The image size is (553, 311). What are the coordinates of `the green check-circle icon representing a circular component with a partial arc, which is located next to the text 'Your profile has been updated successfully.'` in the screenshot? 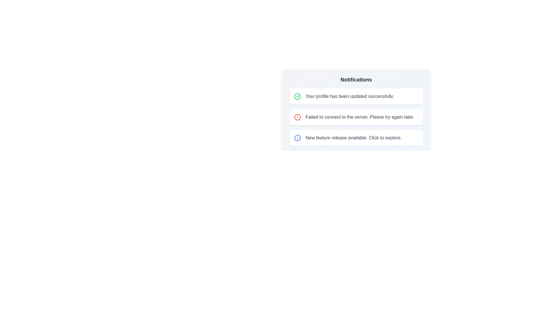 It's located at (297, 96).